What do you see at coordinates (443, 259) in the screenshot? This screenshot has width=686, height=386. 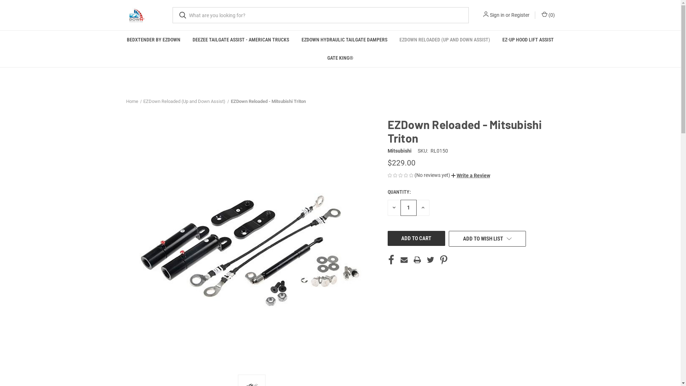 I see `'Pinterest'` at bounding box center [443, 259].